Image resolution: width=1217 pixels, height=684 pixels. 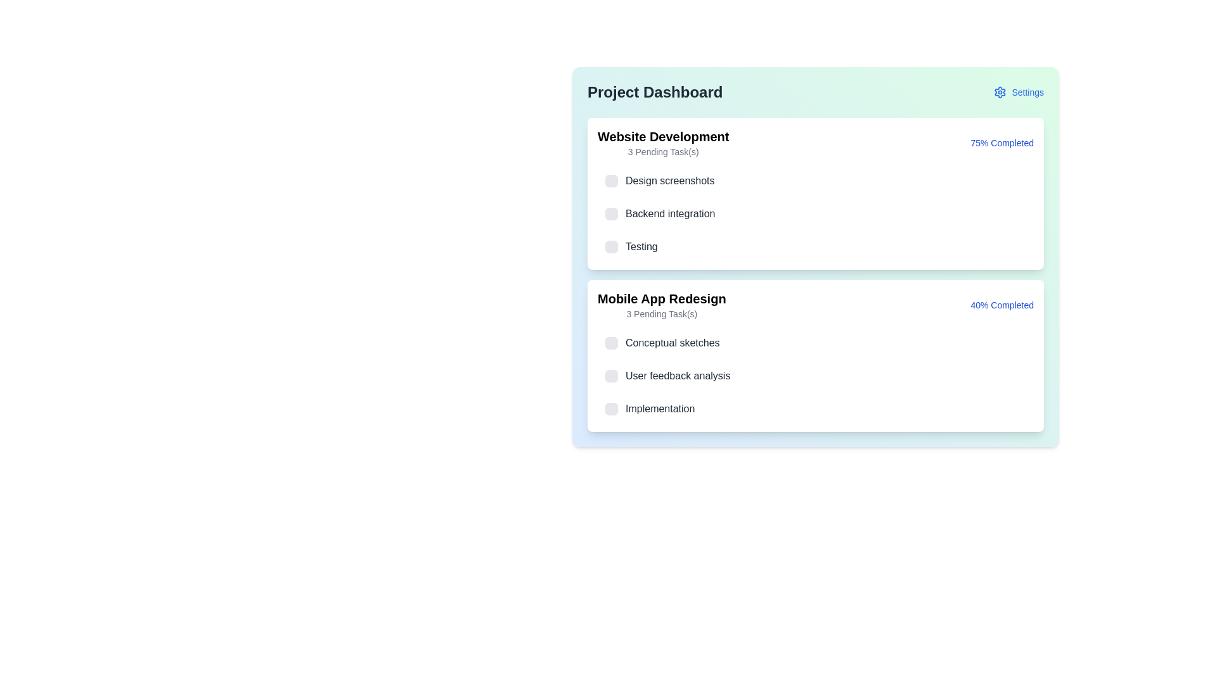 I want to click on the text label located in the top-right corner of the interface, next to the gear icon, so click(x=1027, y=92).